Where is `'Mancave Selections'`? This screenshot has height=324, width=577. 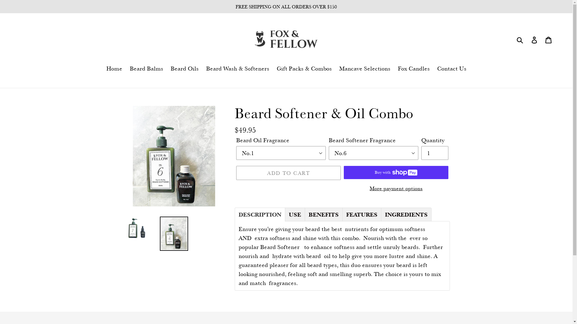 'Mancave Selections' is located at coordinates (364, 68).